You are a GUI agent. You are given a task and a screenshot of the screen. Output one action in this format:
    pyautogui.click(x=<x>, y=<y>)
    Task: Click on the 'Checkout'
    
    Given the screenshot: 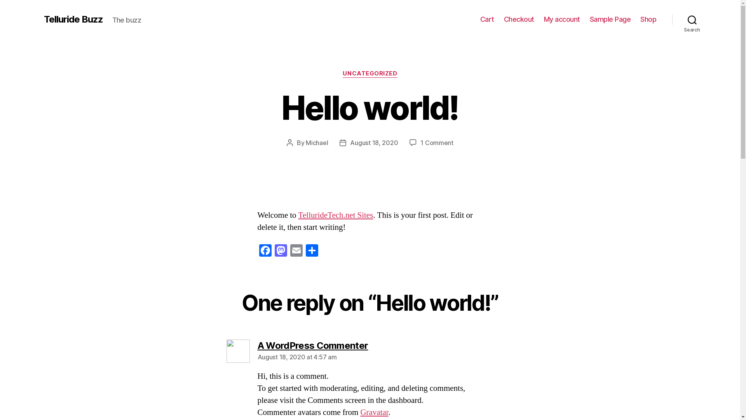 What is the action you would take?
    pyautogui.click(x=504, y=19)
    